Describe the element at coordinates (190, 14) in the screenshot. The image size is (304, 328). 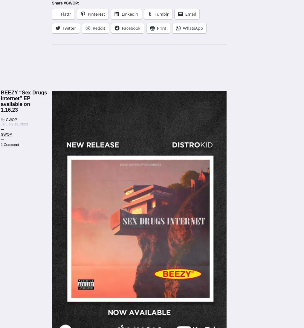
I see `'Email'` at that location.